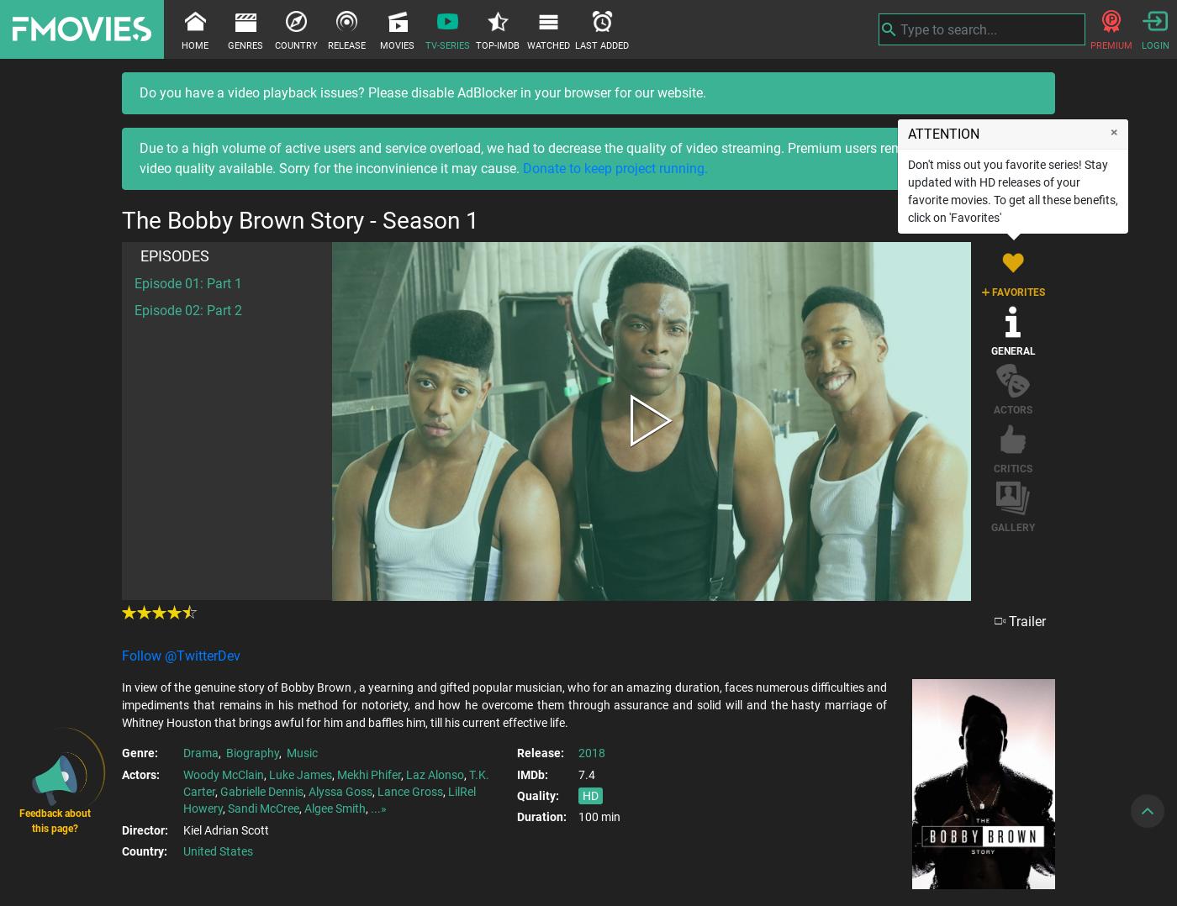 Image resolution: width=1177 pixels, height=906 pixels. I want to click on 'The Bobby Brown Story - Season 1', so click(300, 219).